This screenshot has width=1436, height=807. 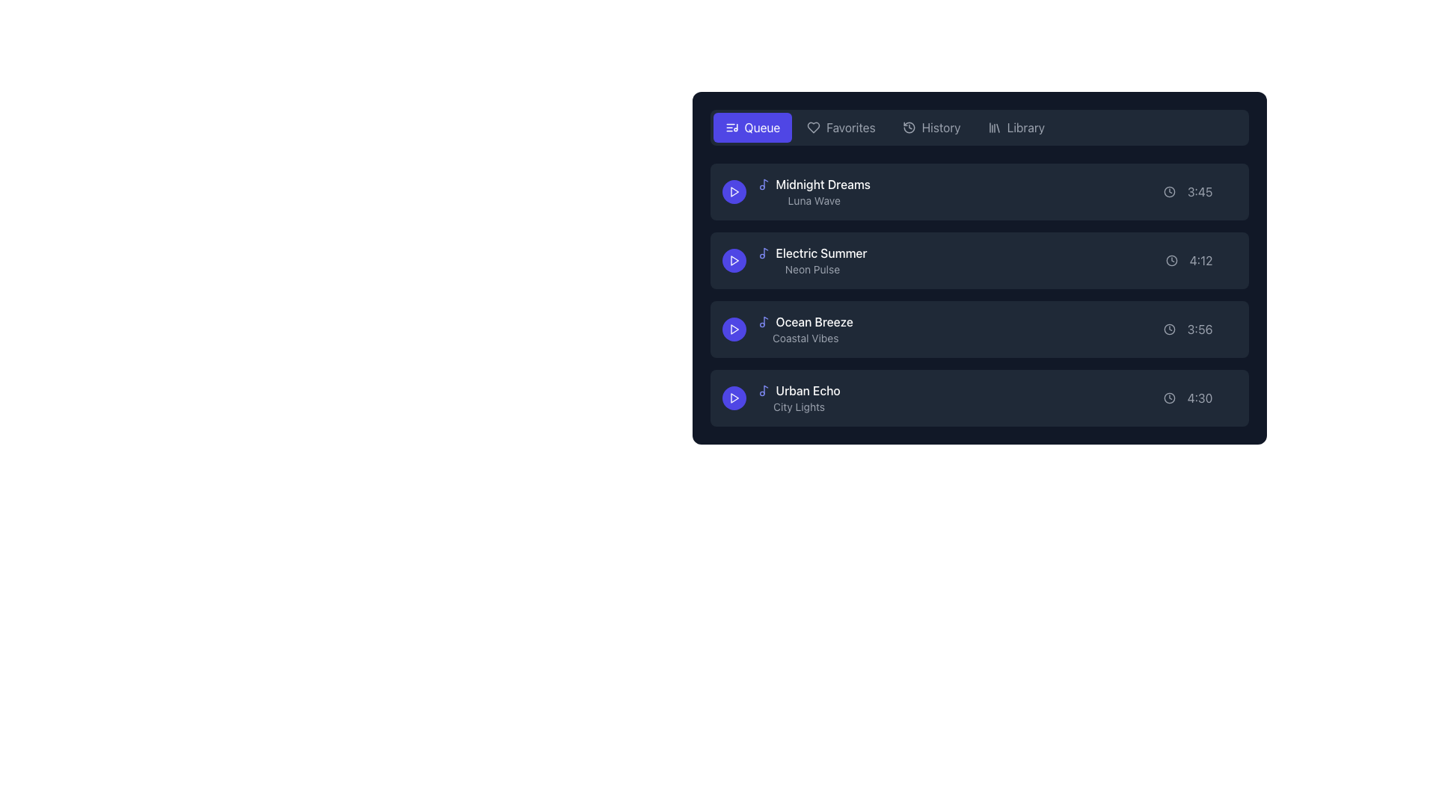 I want to click on the circular indigo button with a white play icon associated with the 'Electric Summer' list item, so click(x=734, y=259).